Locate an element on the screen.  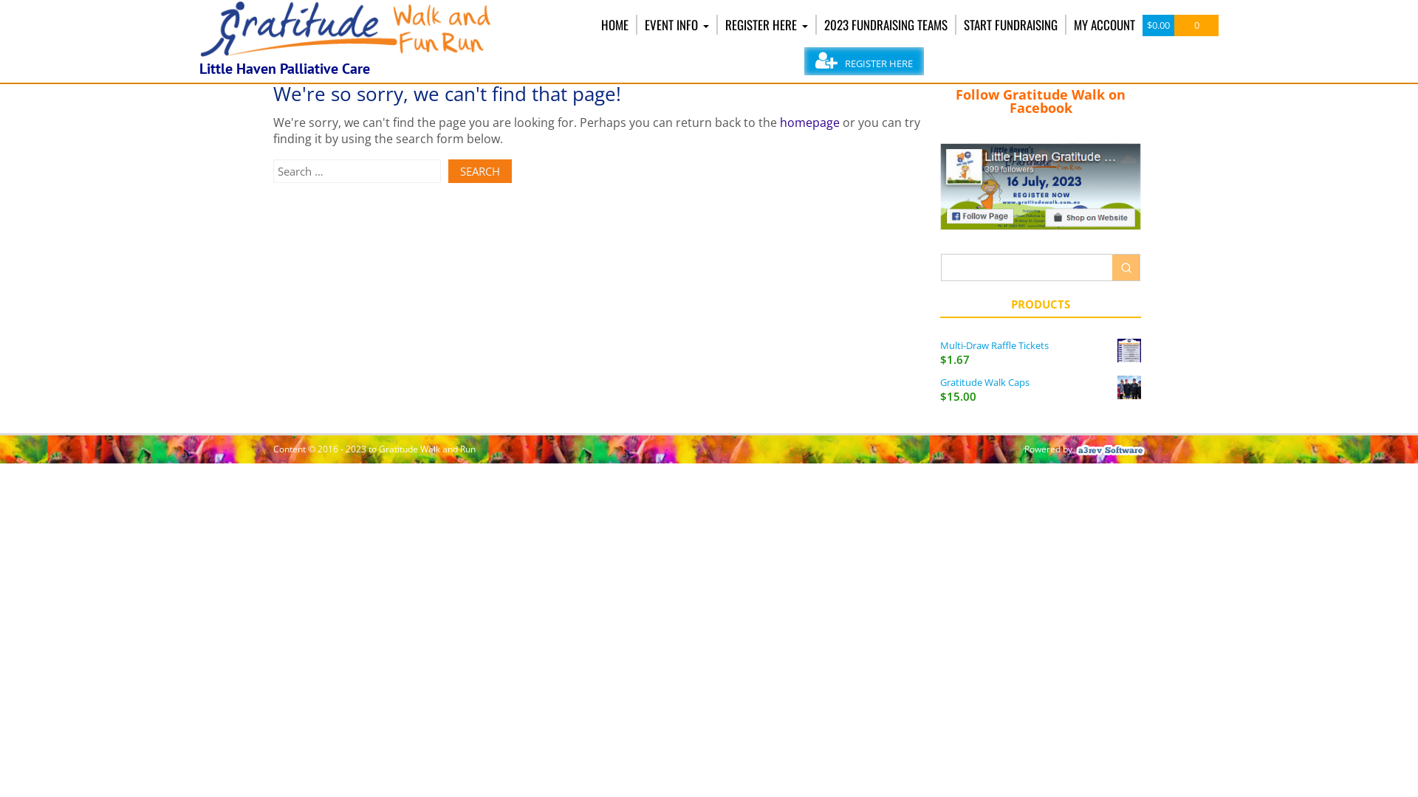
'Gratitude Walk and Run' is located at coordinates (346, 52).